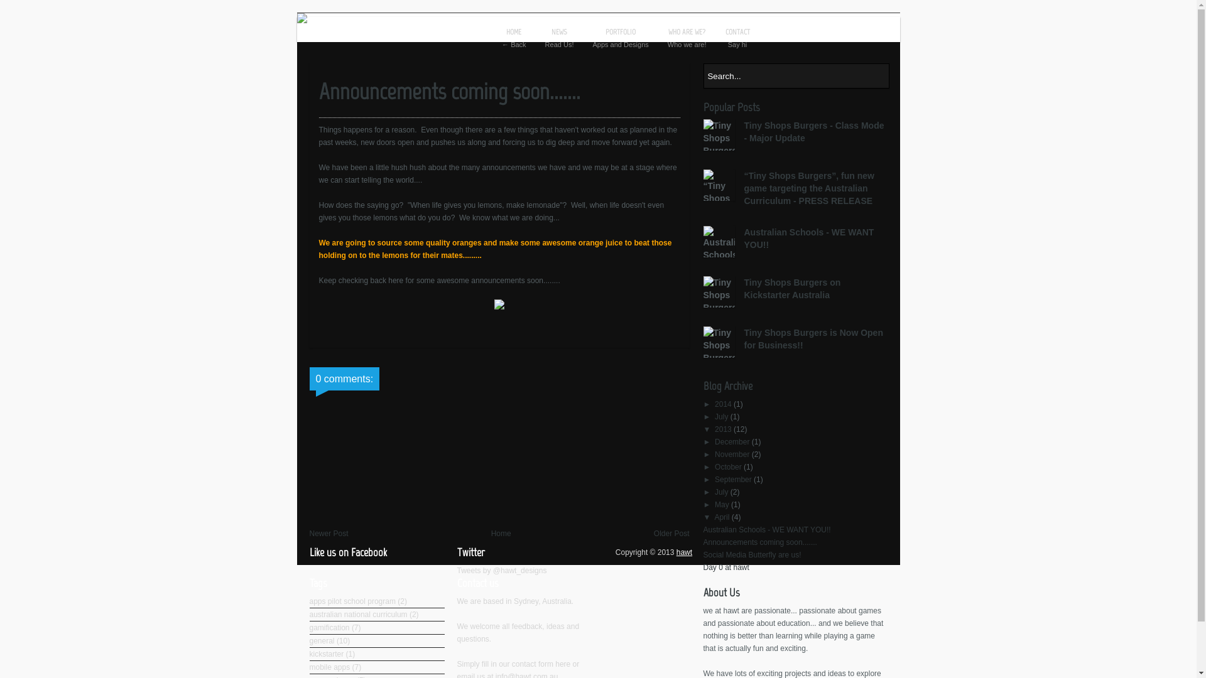 This screenshot has width=1206, height=678. What do you see at coordinates (329, 533) in the screenshot?
I see `'Newer Post'` at bounding box center [329, 533].